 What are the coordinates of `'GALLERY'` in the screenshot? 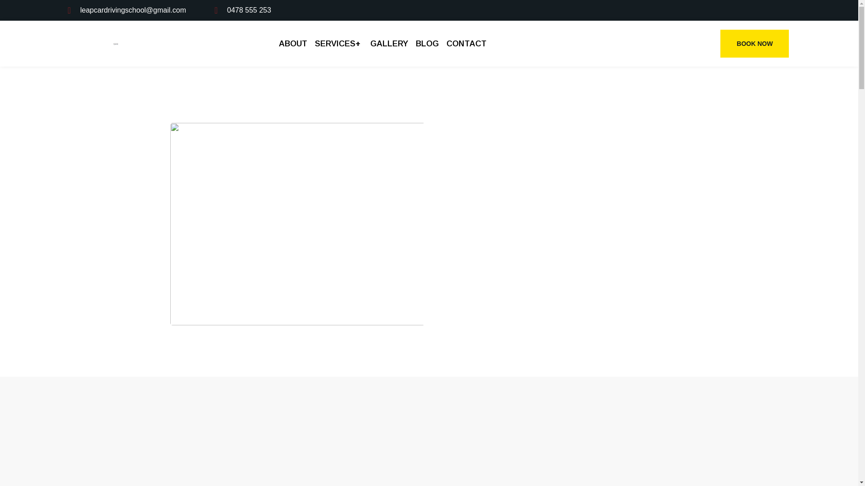 It's located at (389, 43).